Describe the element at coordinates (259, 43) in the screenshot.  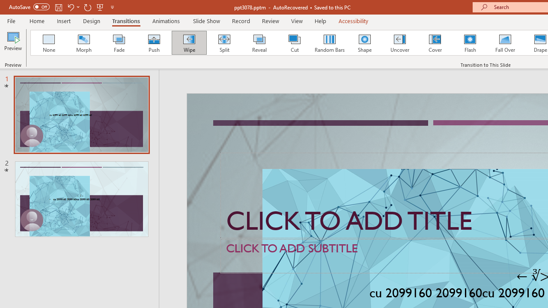
I see `'Reveal'` at that location.